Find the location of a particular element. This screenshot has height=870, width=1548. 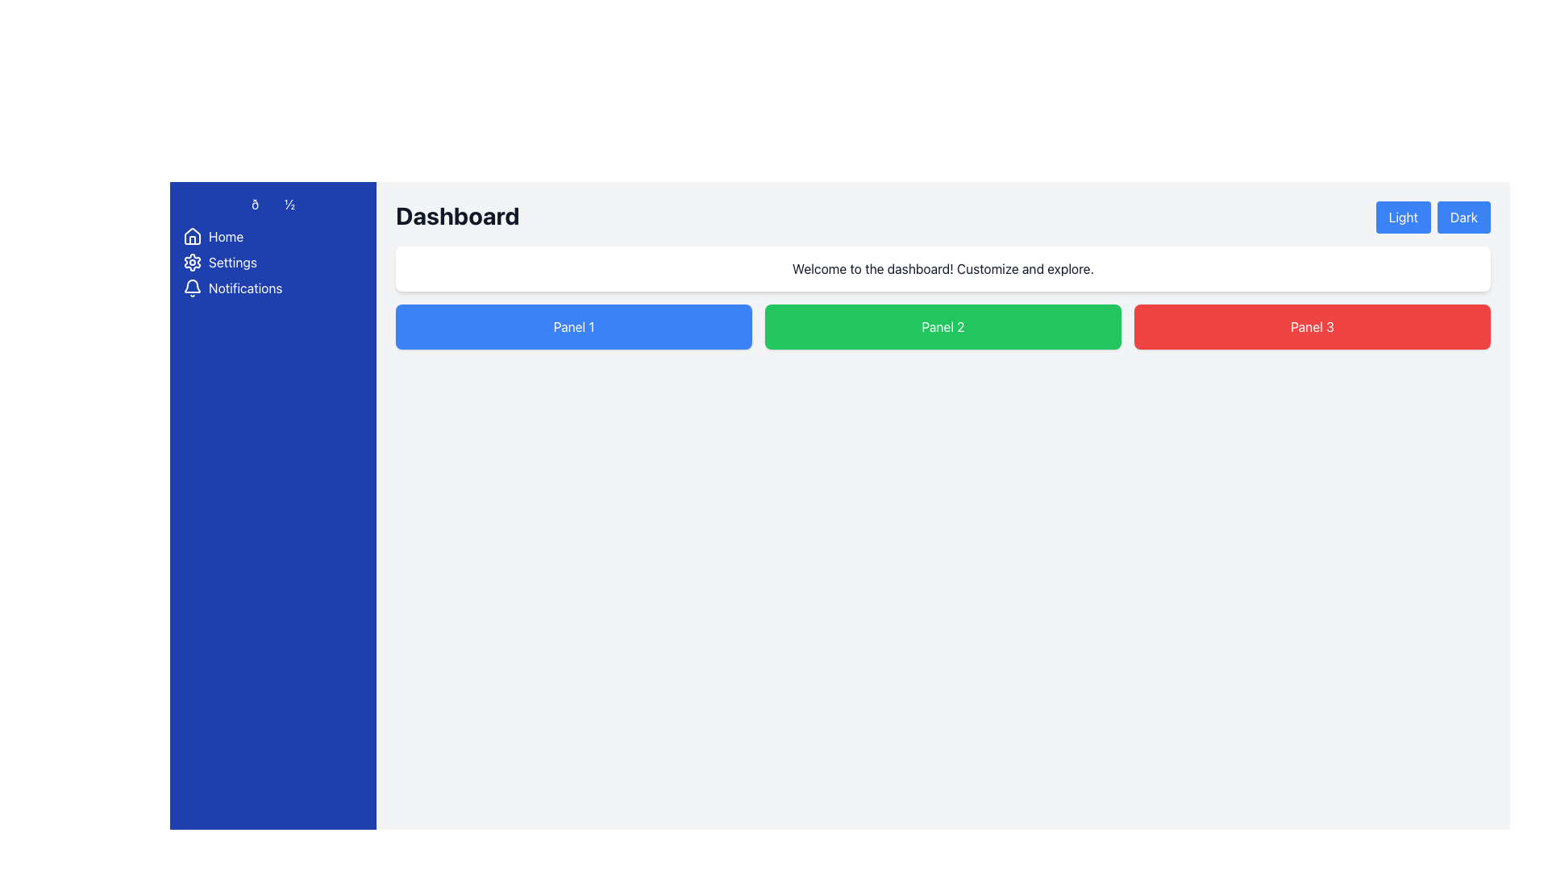

the gear-shaped icon is located at coordinates (193, 262).